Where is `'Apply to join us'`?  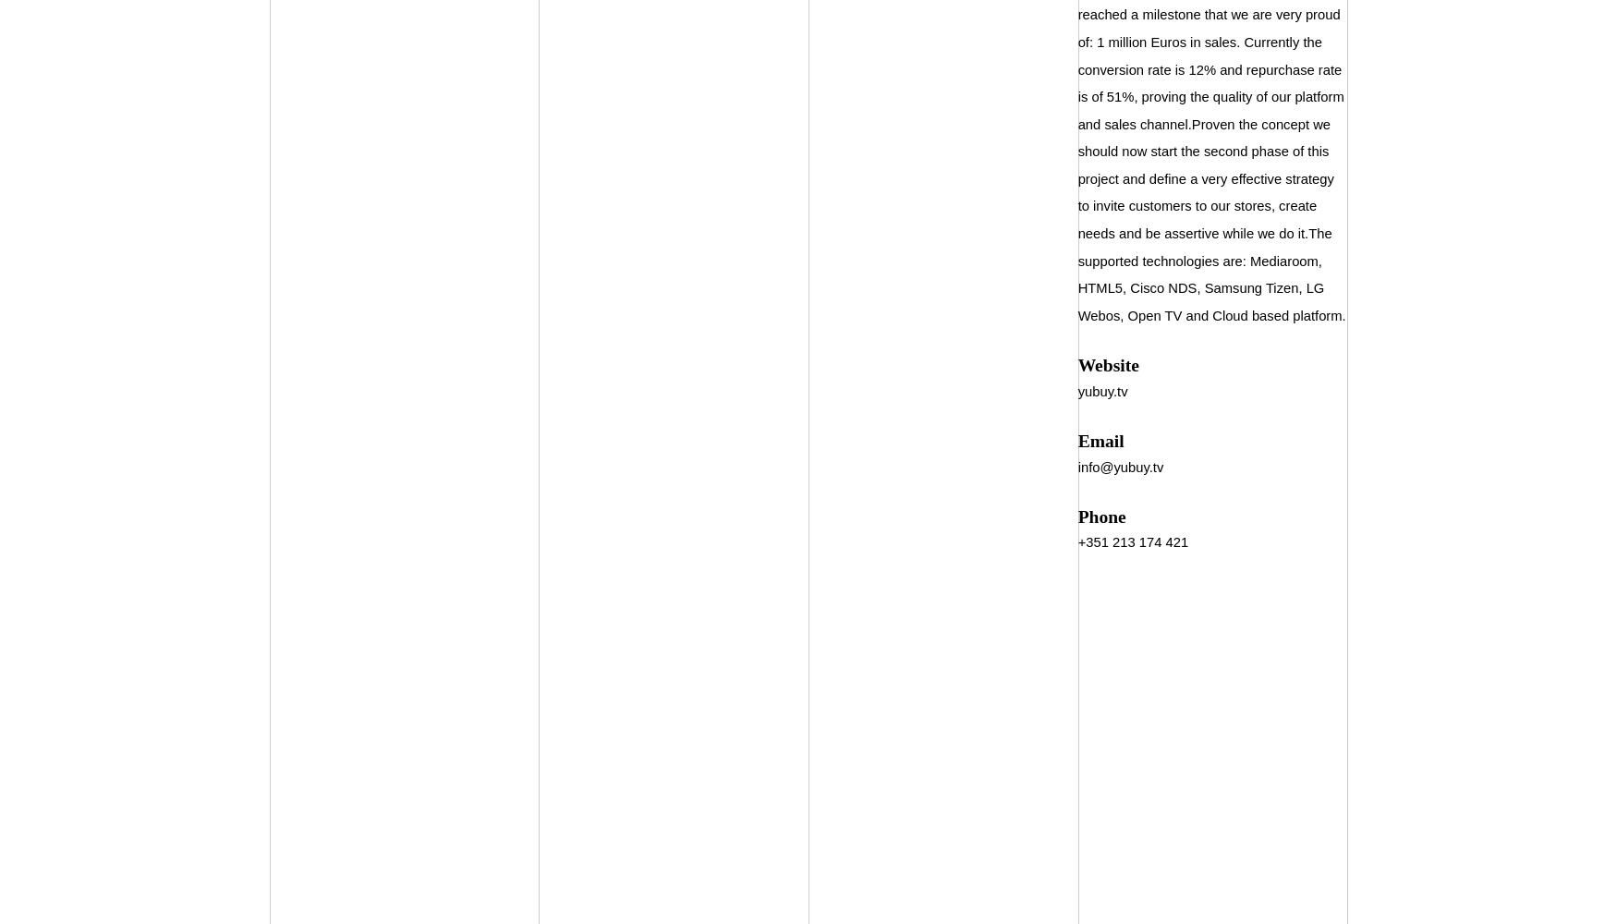 'Apply to join us' is located at coordinates (657, 67).